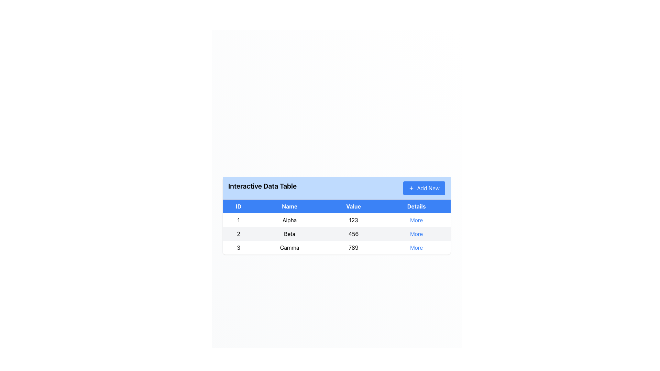  Describe the element at coordinates (416, 233) in the screenshot. I see `the button in the second row of the table under the Details column, located to the right of the '456' entry in the Value column` at that location.